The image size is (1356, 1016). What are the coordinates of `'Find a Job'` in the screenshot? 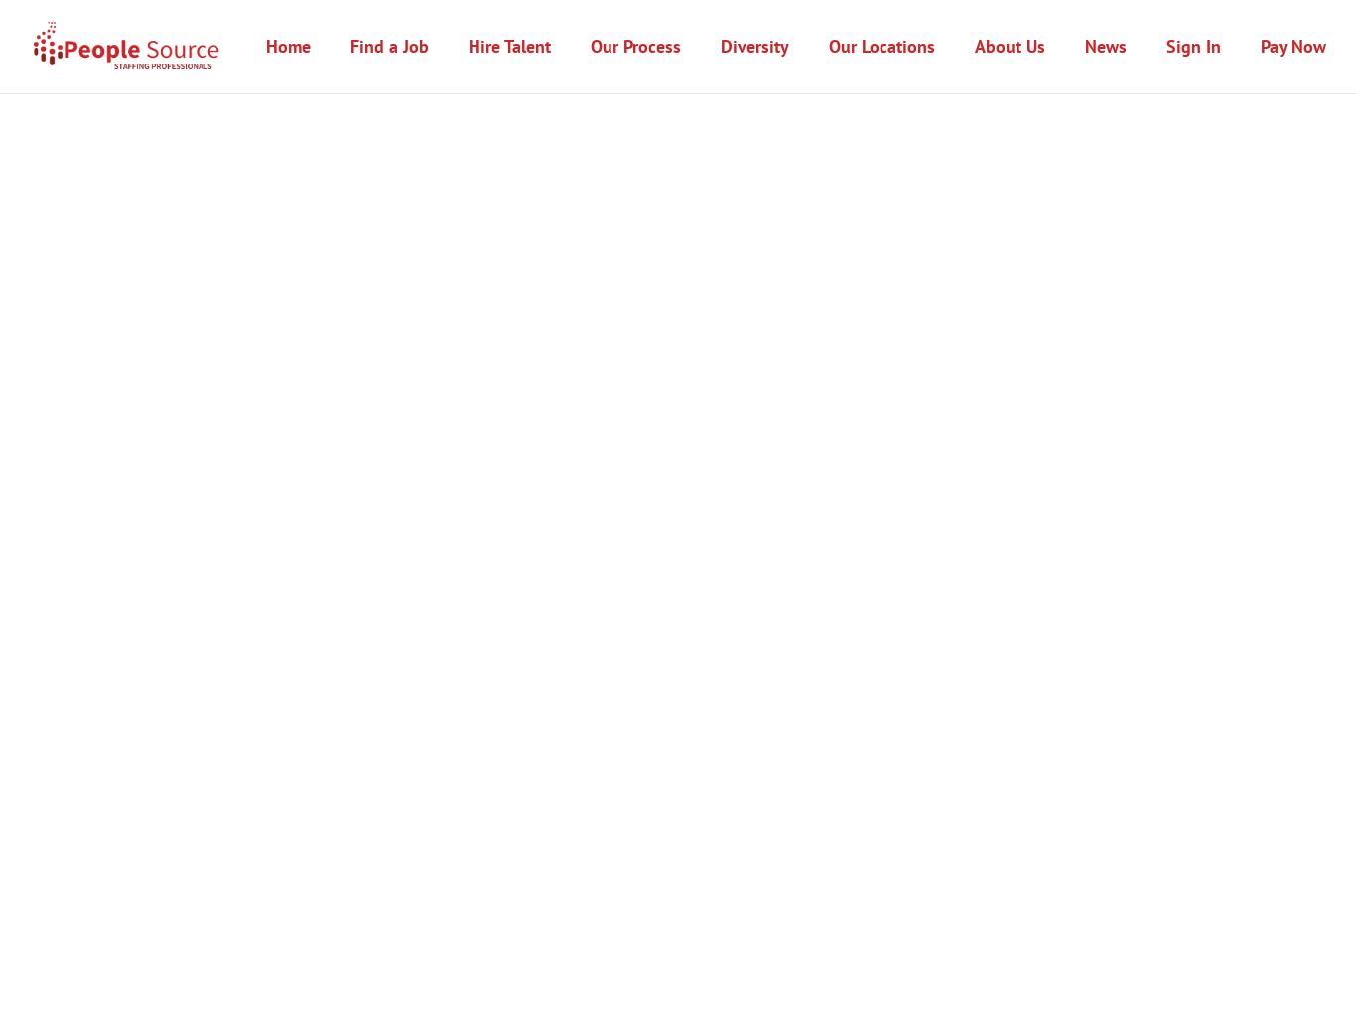 It's located at (348, 45).